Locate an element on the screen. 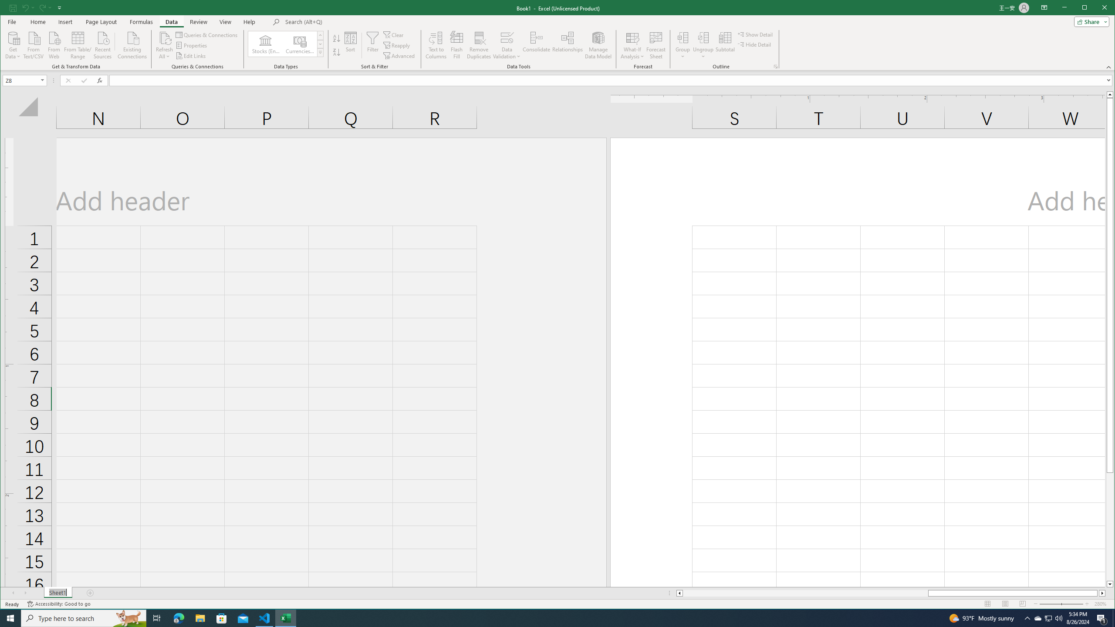 The image size is (1115, 627). 'Queries & Connections' is located at coordinates (207, 35).